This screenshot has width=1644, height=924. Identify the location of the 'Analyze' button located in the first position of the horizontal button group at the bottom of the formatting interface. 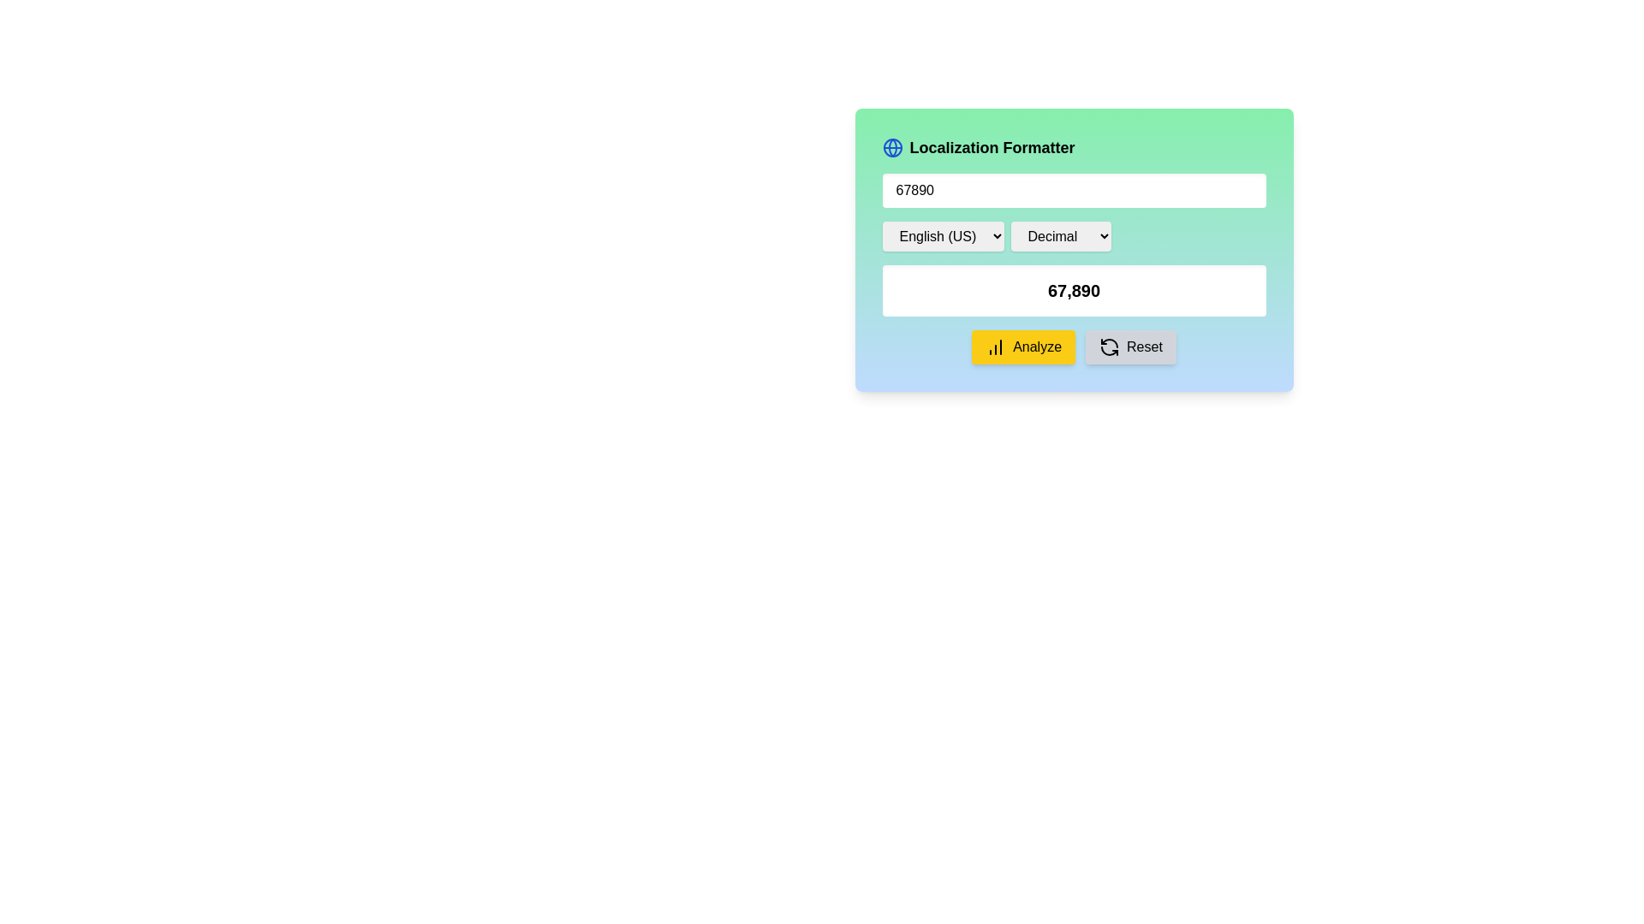
(1023, 346).